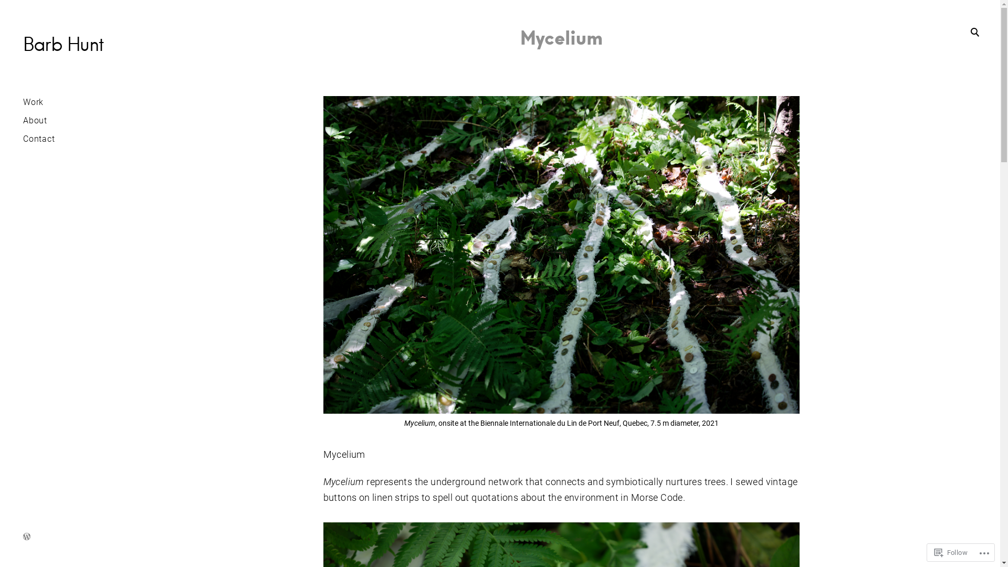 This screenshot has width=1008, height=567. What do you see at coordinates (930, 552) in the screenshot?
I see `'Follow'` at bounding box center [930, 552].